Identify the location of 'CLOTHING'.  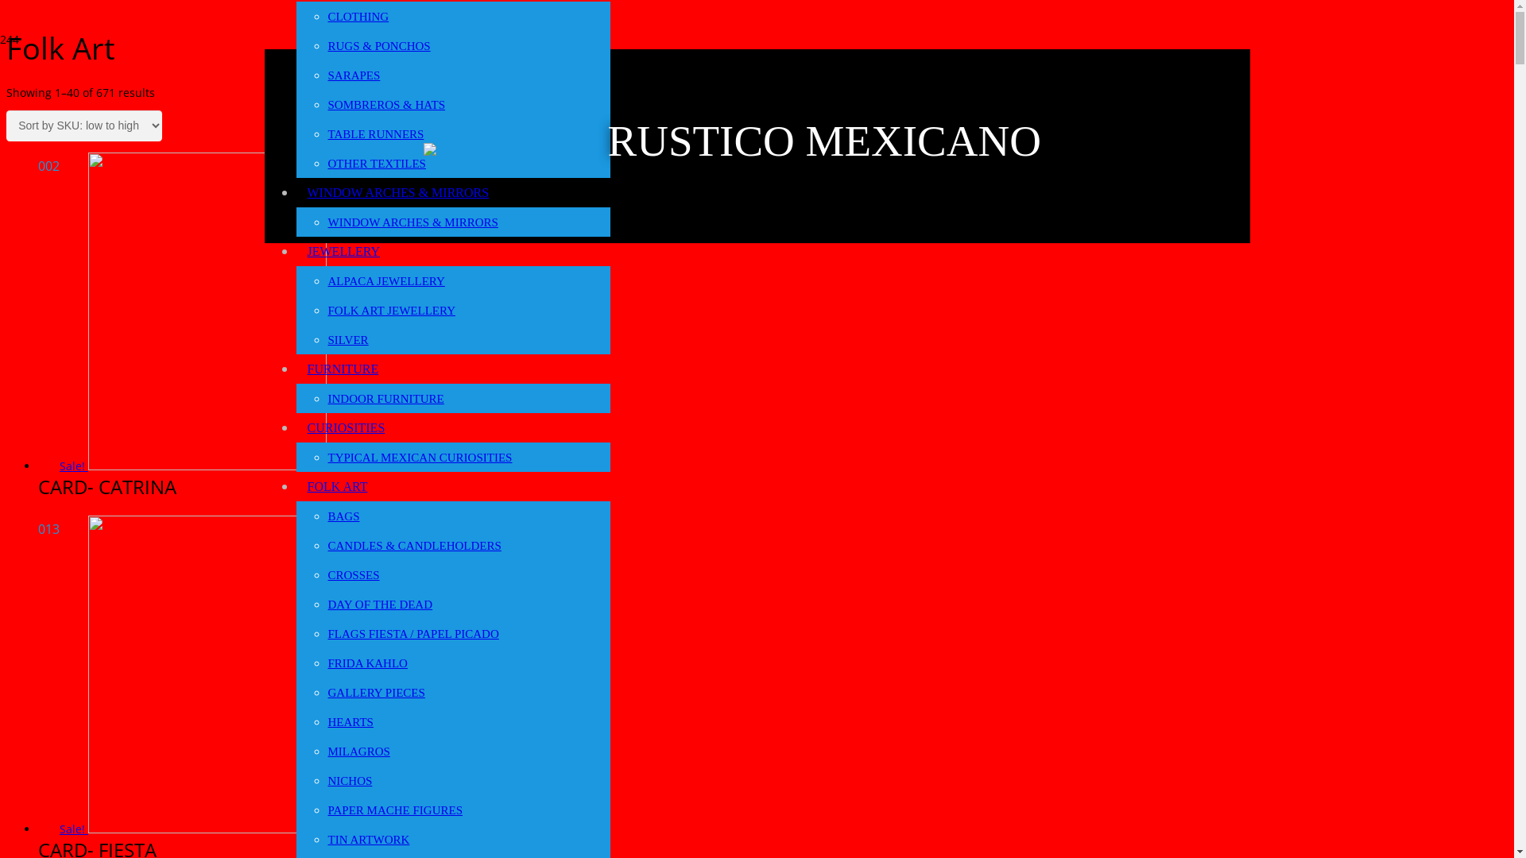
(357, 16).